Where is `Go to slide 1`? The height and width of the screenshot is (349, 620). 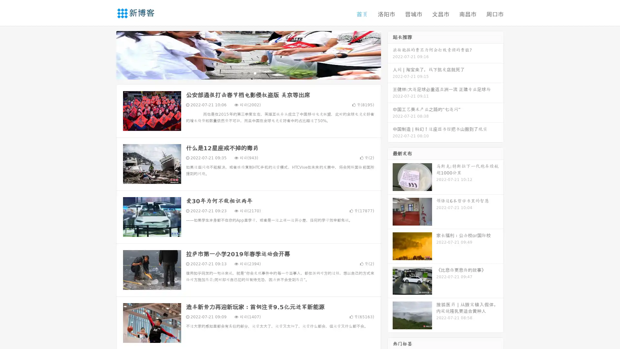 Go to slide 1 is located at coordinates (242, 73).